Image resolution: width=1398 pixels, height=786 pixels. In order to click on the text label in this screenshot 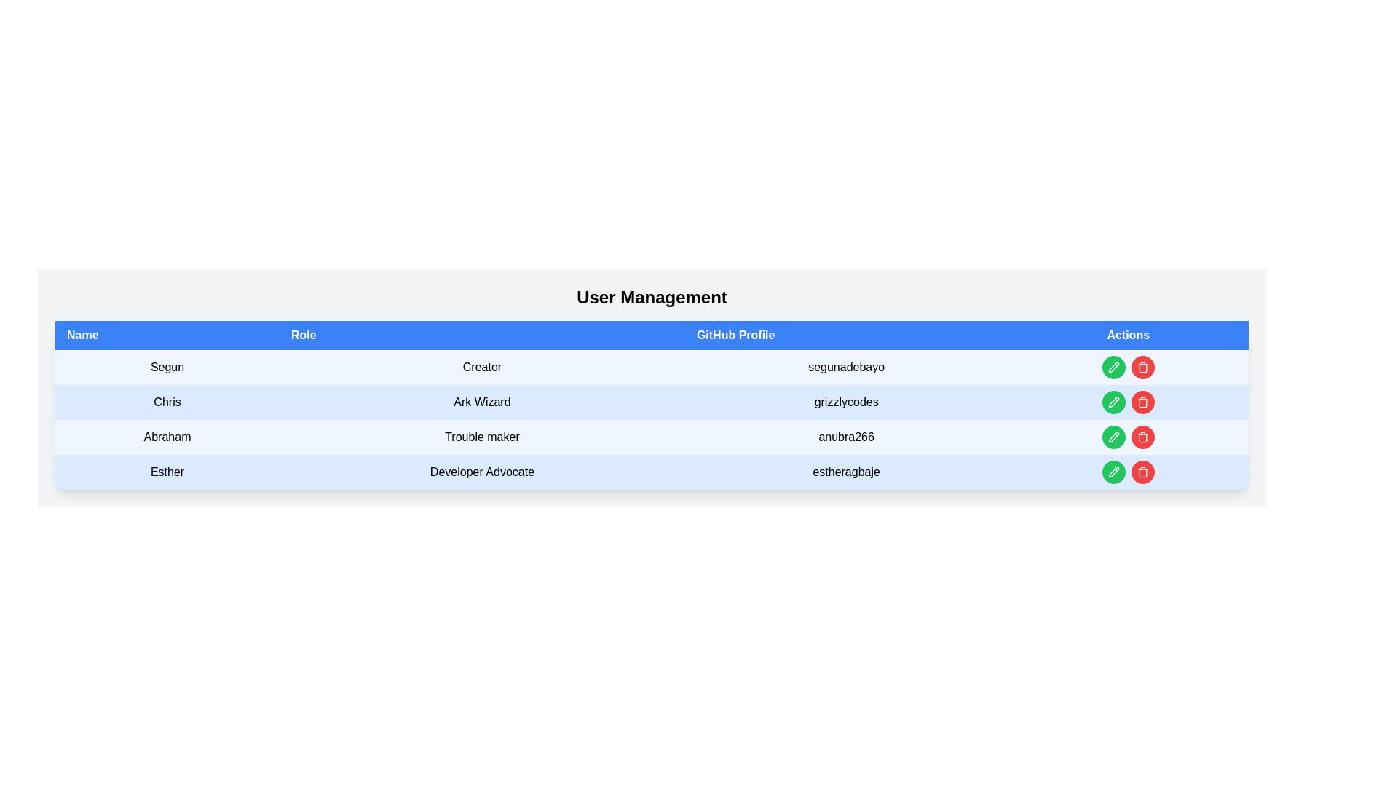, I will do `click(482, 402)`.